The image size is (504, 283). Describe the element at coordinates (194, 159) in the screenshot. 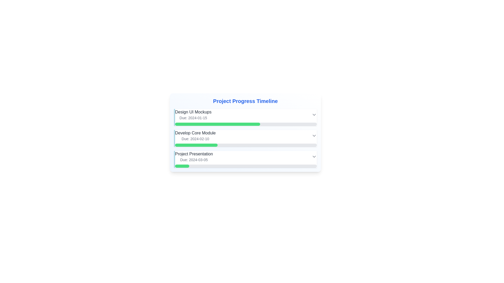

I see `text label displaying 'Due: 2024-03-05' located below the 'Project Presentation' text in the 'Project Progress Timeline' section` at that location.